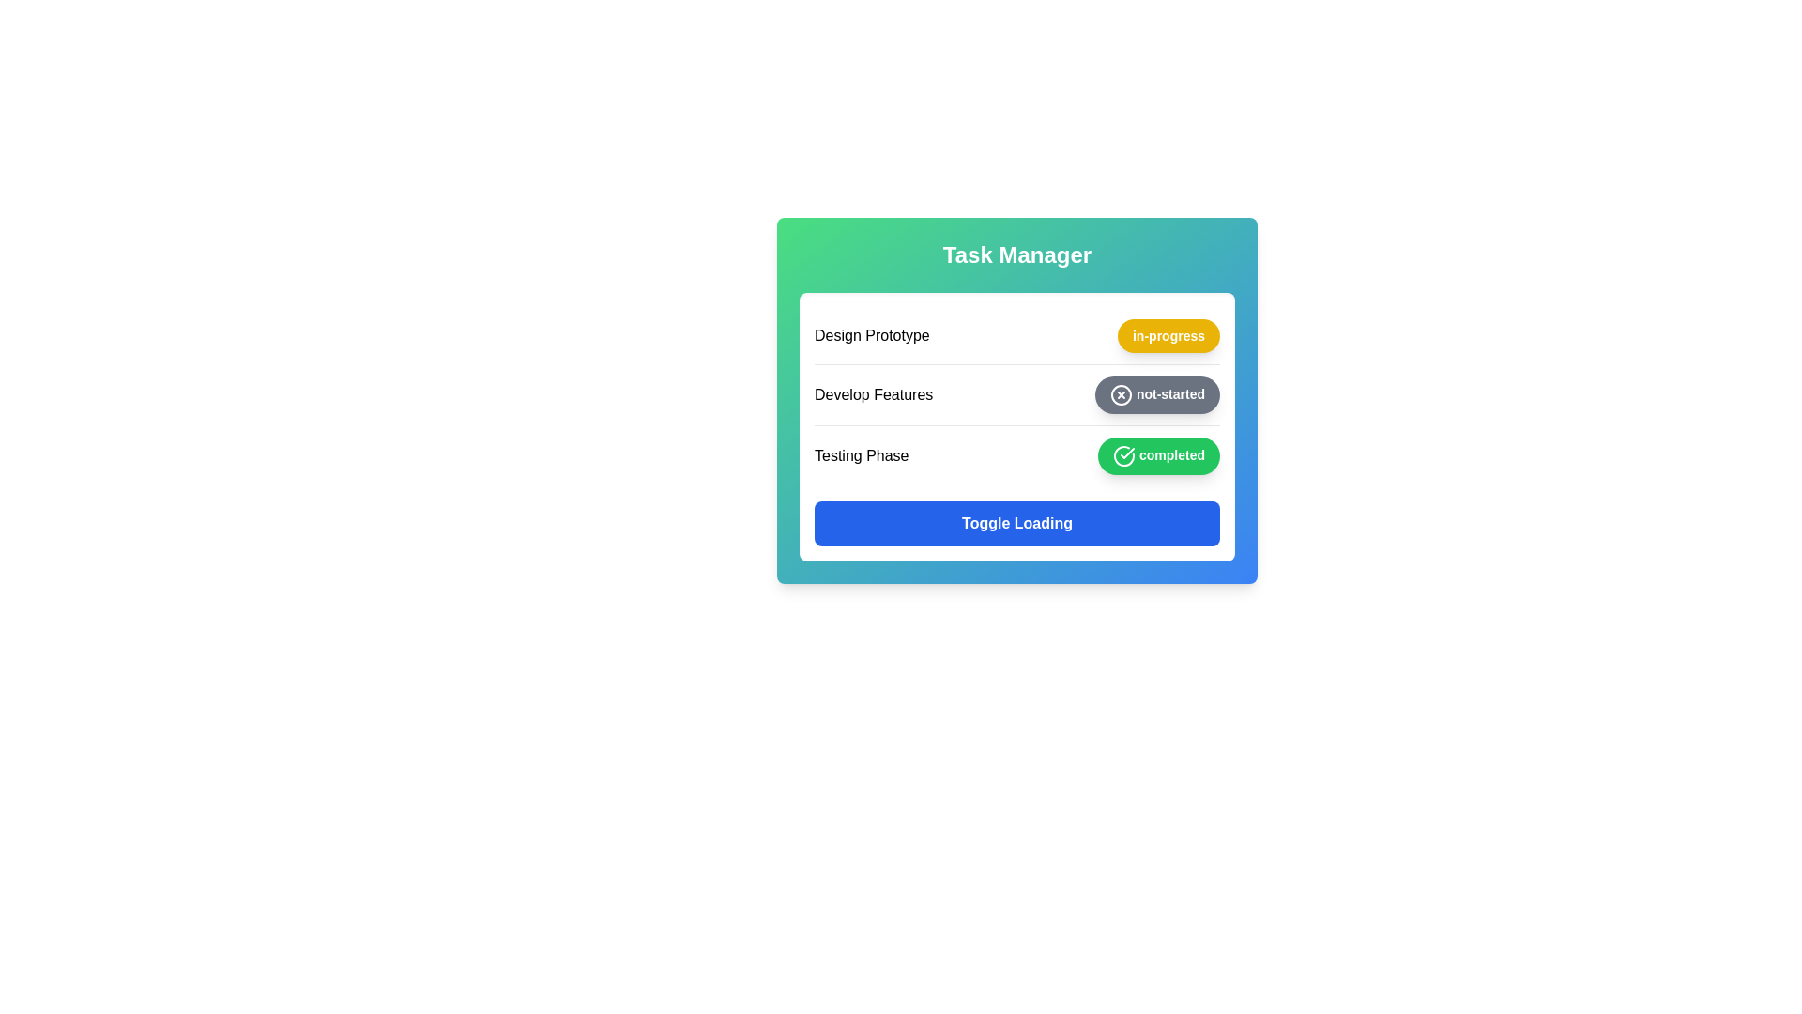 The height and width of the screenshot is (1014, 1802). Describe the element at coordinates (1016, 393) in the screenshot. I see `the Status panel labeled 'Develop Features' with a status badge 'not-started', which is the second item in the Task Manager panel` at that location.